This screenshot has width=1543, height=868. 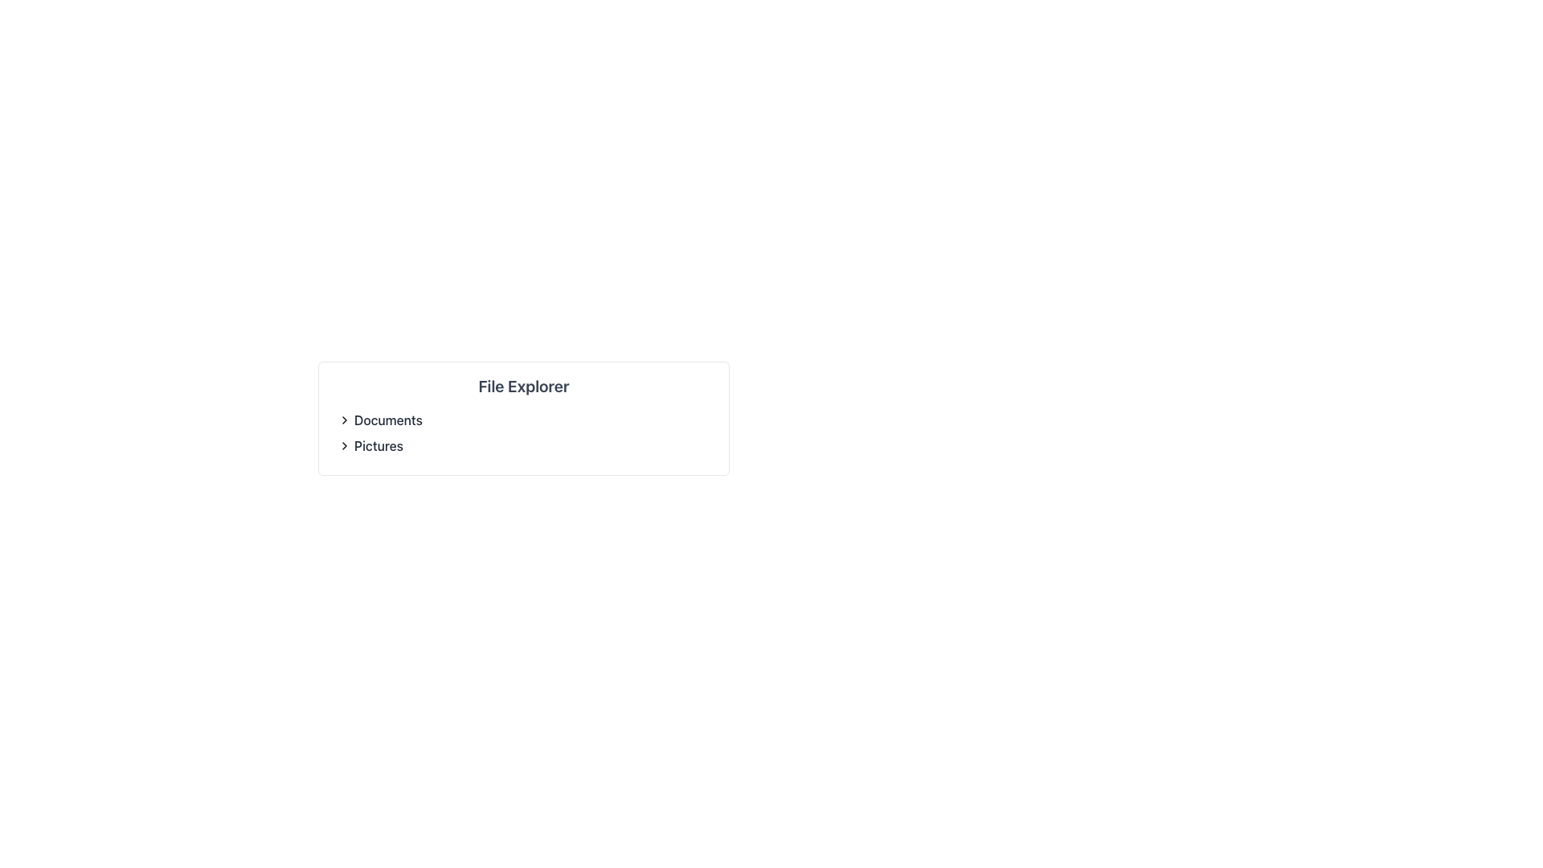 I want to click on the chevron-right SVG icon, so click(x=343, y=446).